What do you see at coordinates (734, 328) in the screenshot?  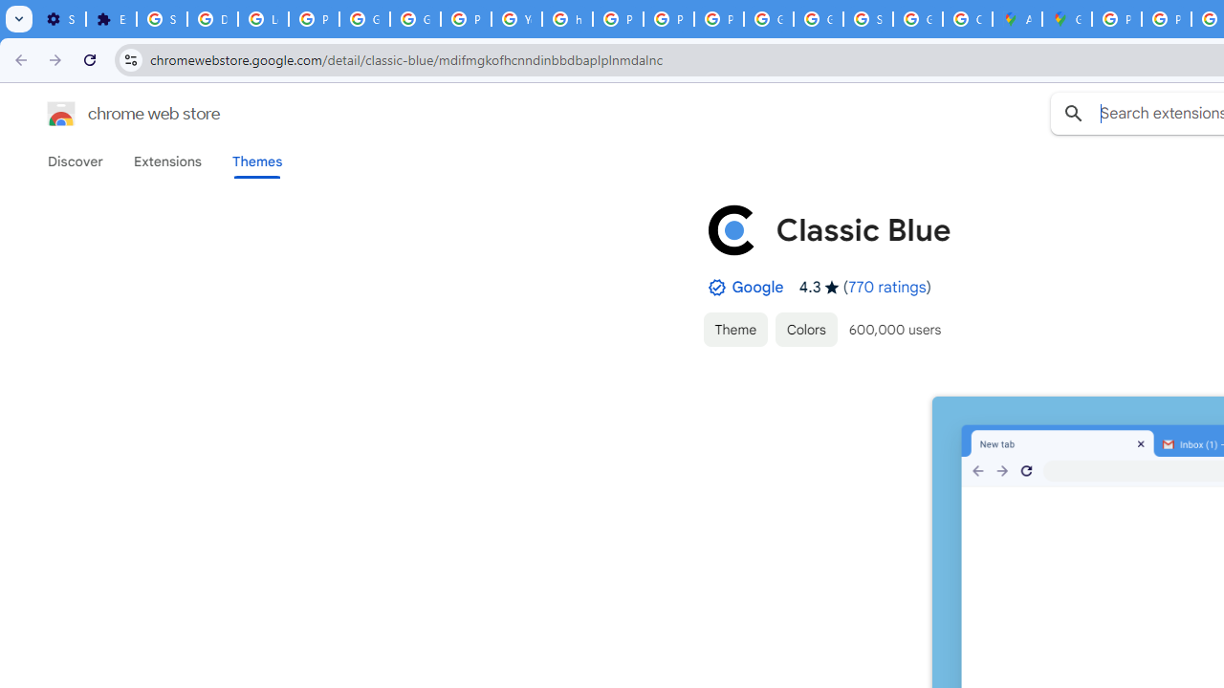 I see `'Theme'` at bounding box center [734, 328].